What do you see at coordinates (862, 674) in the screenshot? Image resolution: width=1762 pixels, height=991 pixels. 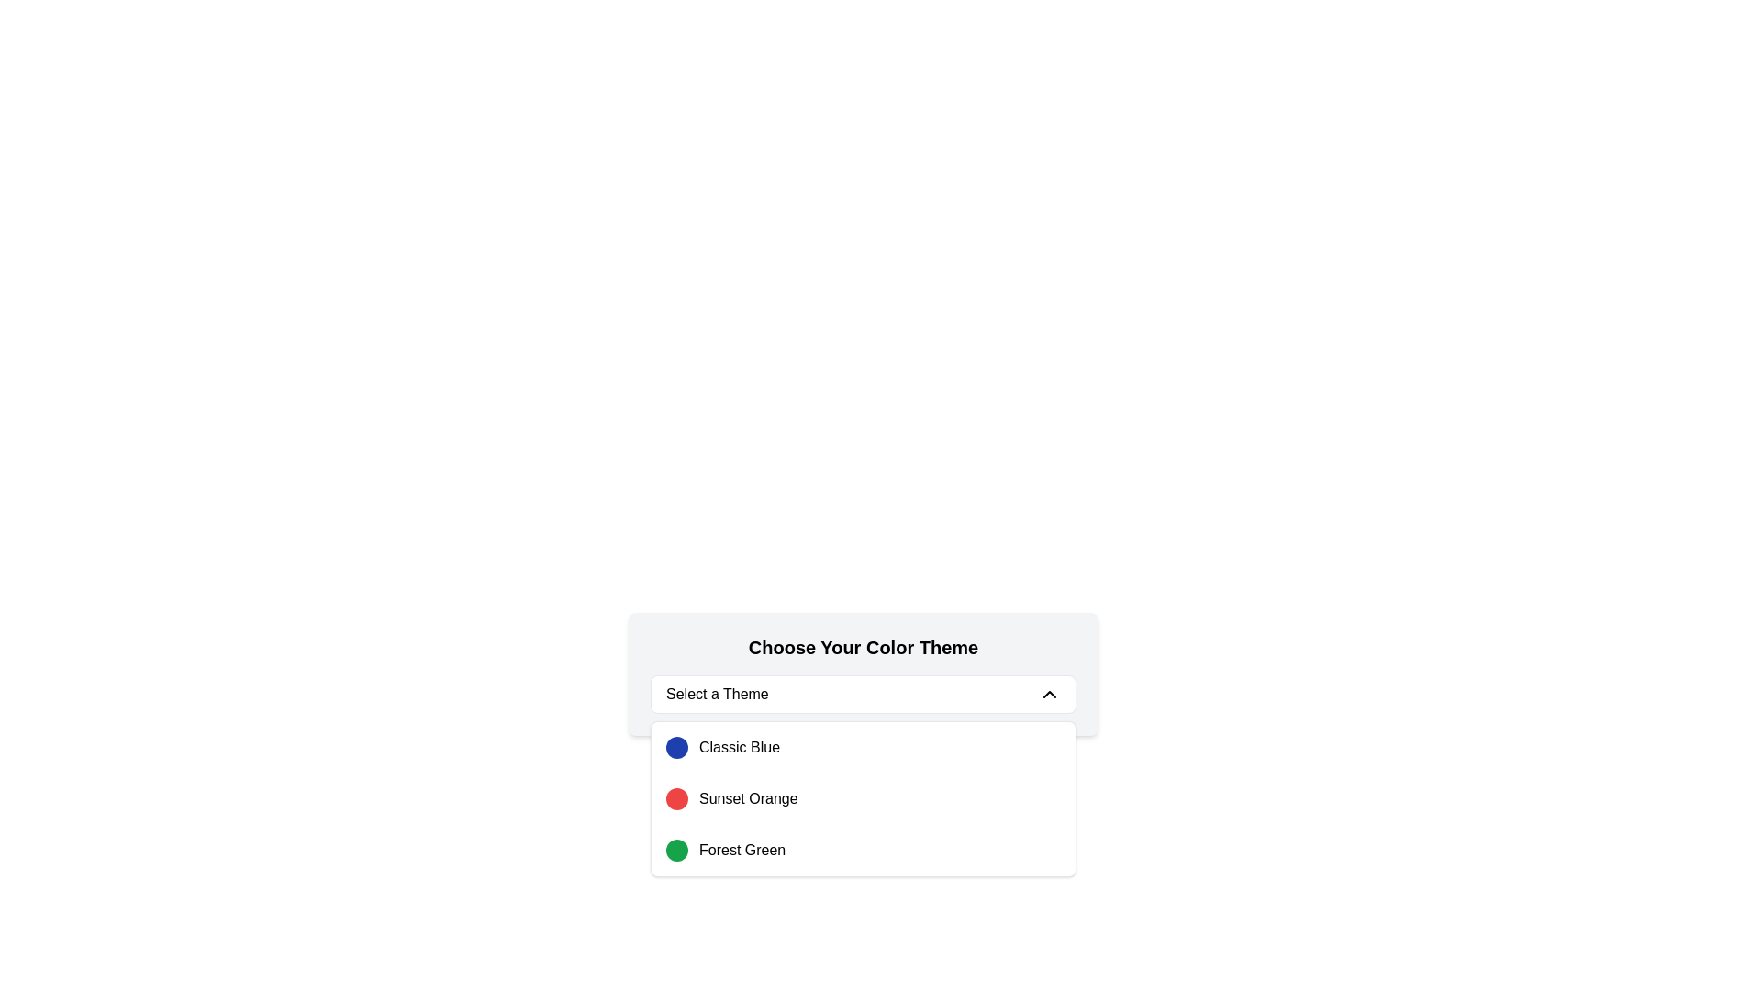 I see `the dropdown menu labeled 'Select a Theme'` at bounding box center [862, 674].